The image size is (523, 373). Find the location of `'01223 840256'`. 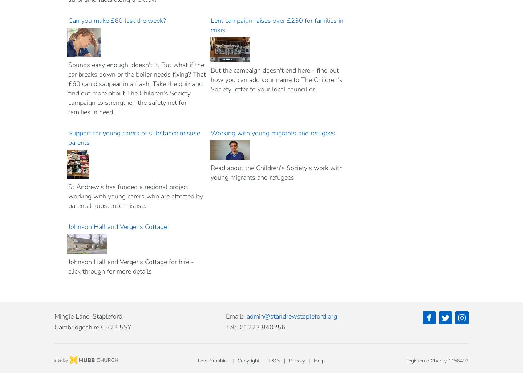

'01223 840256' is located at coordinates (262, 327).